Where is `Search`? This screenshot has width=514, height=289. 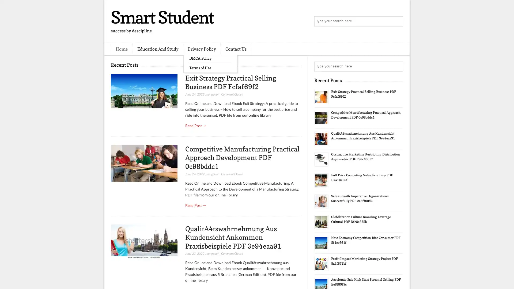 Search is located at coordinates (398, 66).